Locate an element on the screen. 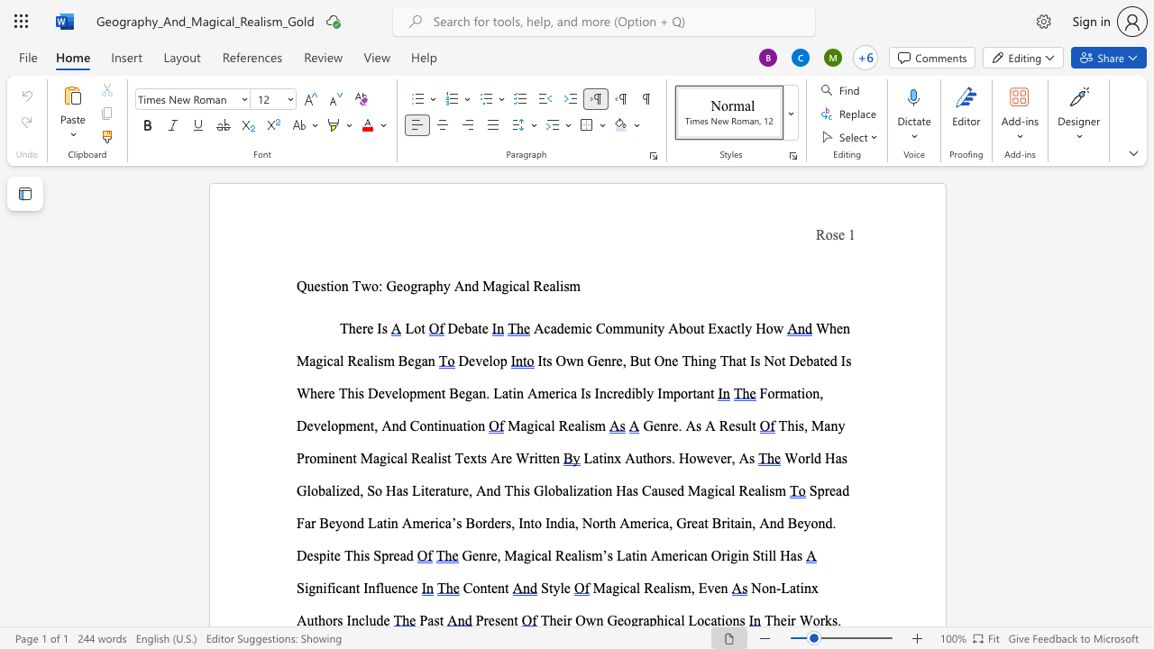  the space between the continuous character "r" and "e" in the text is located at coordinates (505, 457).